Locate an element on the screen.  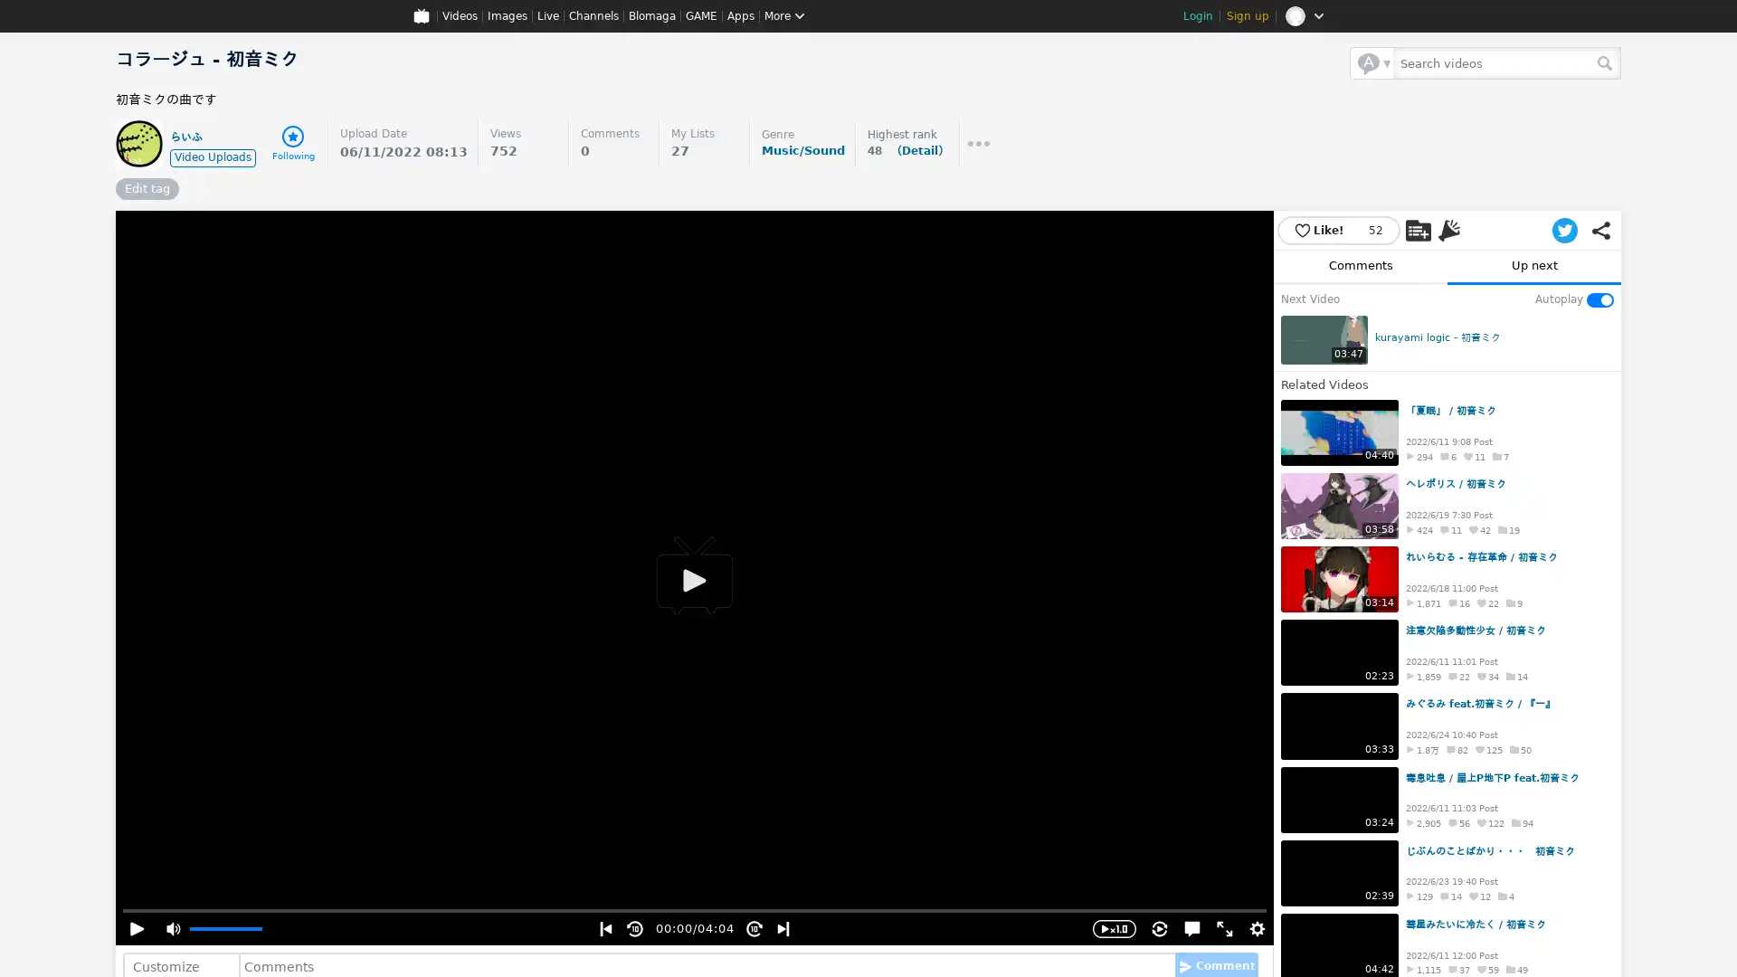
Rewind 10sec is located at coordinates (634, 928).